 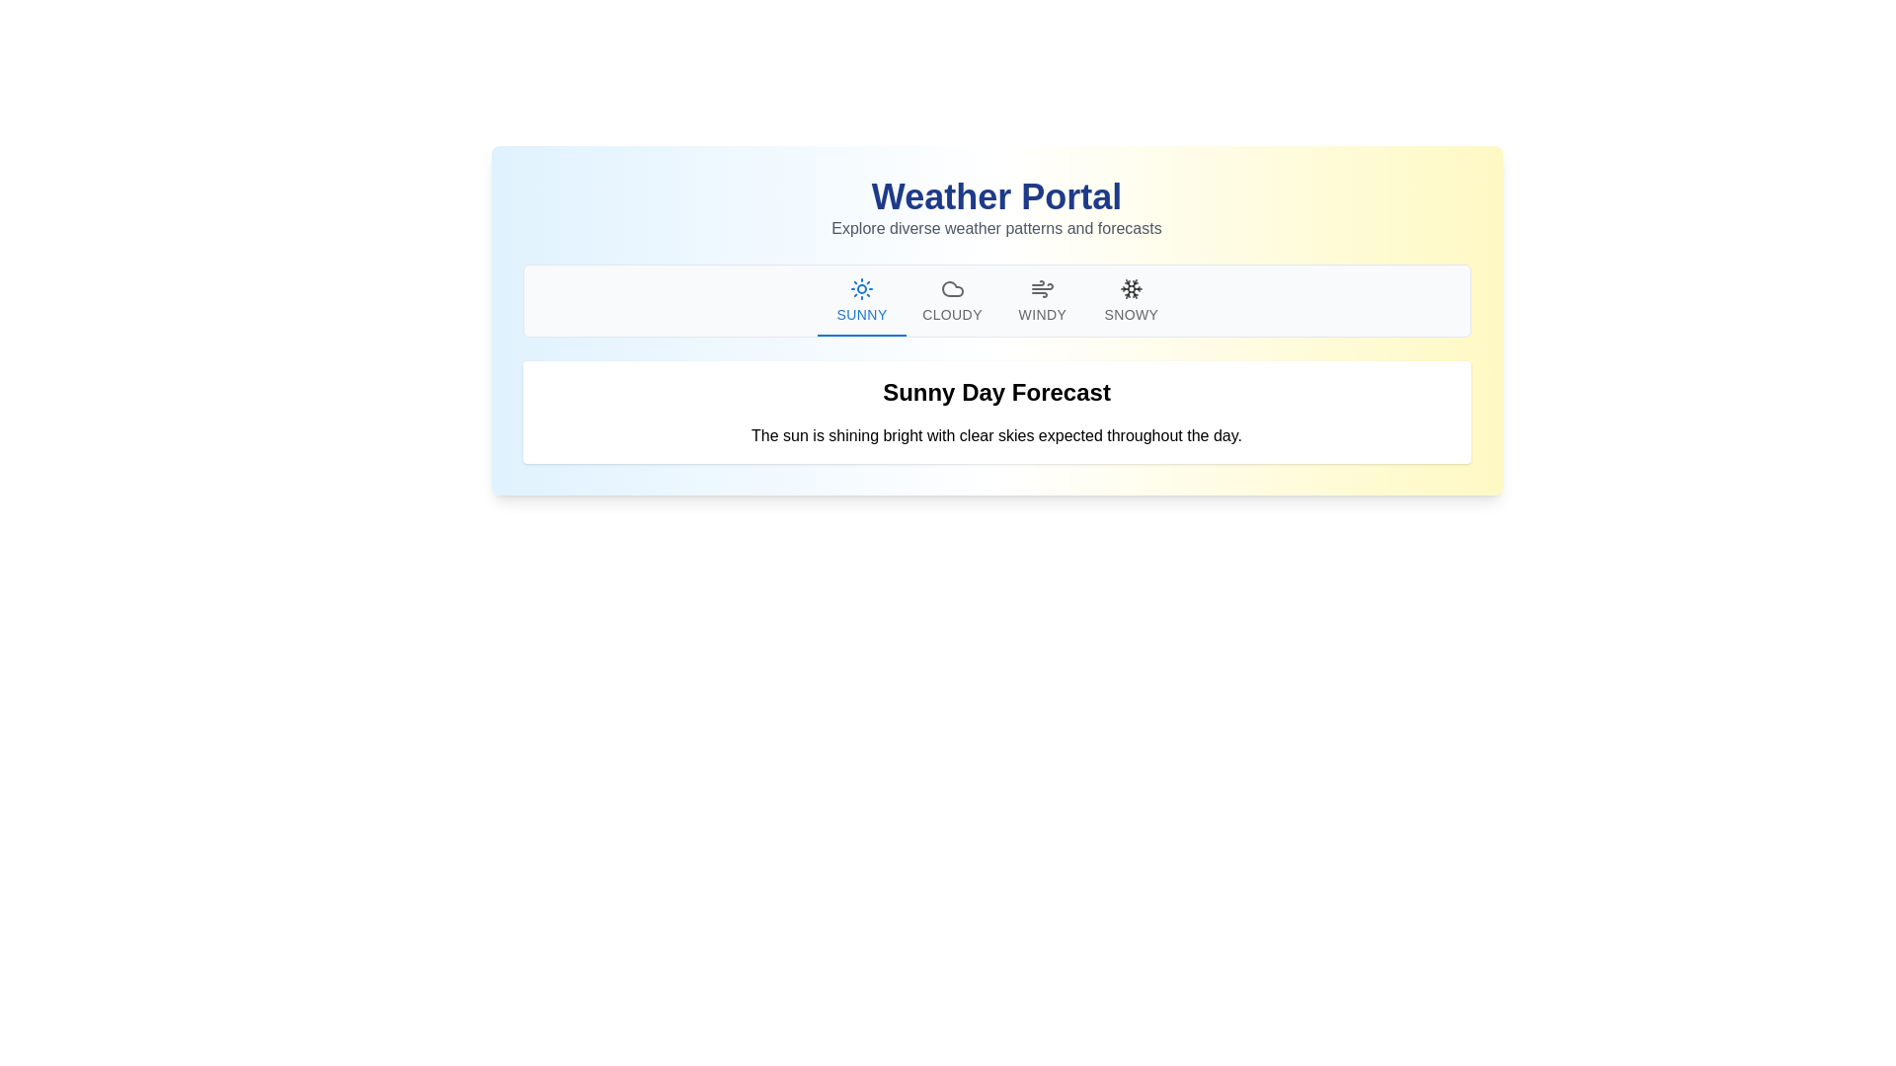 I want to click on the text block providing a forecast summary for sunny weather conditions, located under the 'Sunny Day Forecast' section, so click(x=996, y=435).